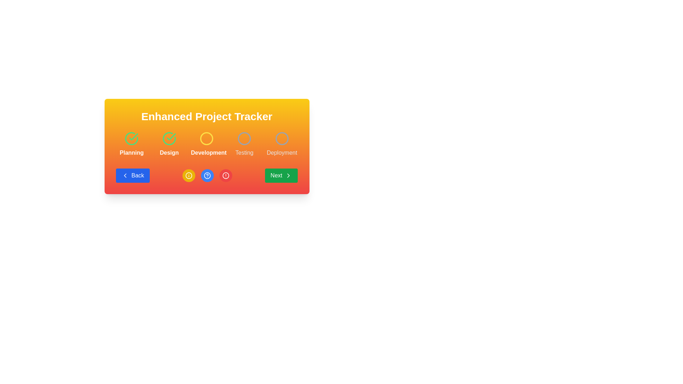 This screenshot has height=384, width=683. Describe the element at coordinates (225, 175) in the screenshot. I see `the rightmost circular red button with a white alert symbol` at that location.